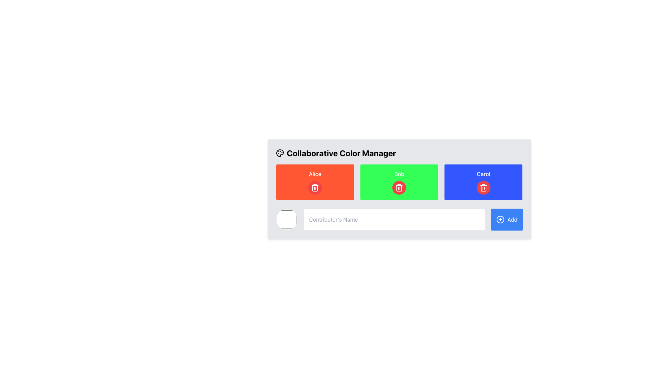 The width and height of the screenshot is (659, 370). What do you see at coordinates (399, 187) in the screenshot?
I see `the delete icon button associated with the 'Bob' entry to possibly display additional information` at bounding box center [399, 187].